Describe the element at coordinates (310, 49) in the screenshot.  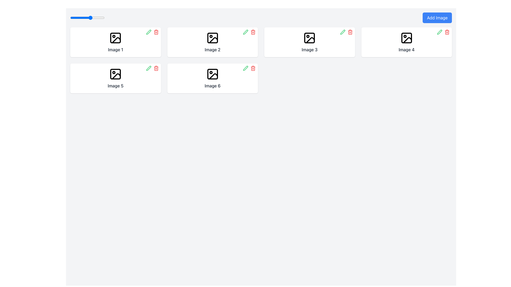
I see `text label that describes the image represented by the icon above it, located in the third cell of the first row in a grid layout` at that location.